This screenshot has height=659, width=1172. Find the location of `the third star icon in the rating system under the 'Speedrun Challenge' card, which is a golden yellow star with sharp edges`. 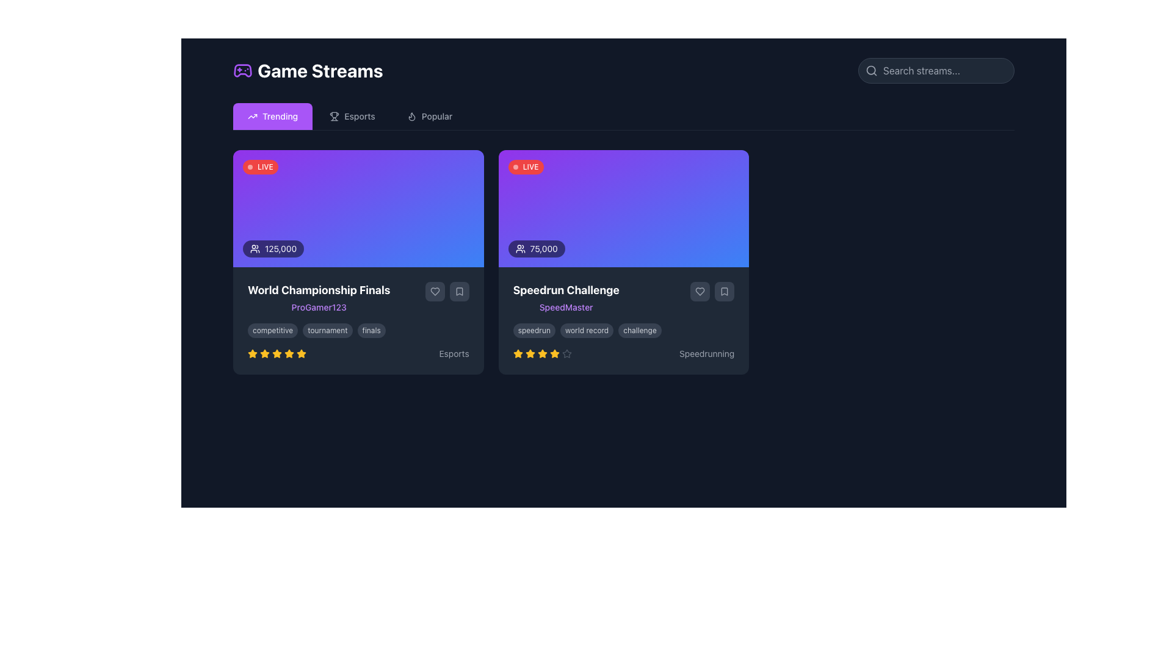

the third star icon in the rating system under the 'Speedrun Challenge' card, which is a golden yellow star with sharp edges is located at coordinates (530, 353).